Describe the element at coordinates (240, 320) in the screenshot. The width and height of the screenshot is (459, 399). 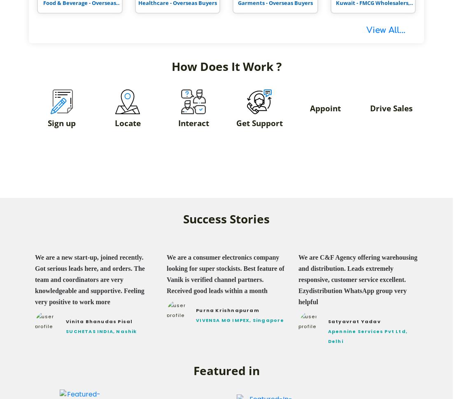
I see `'VIVENSA MG IMPEX, Singapore'` at that location.